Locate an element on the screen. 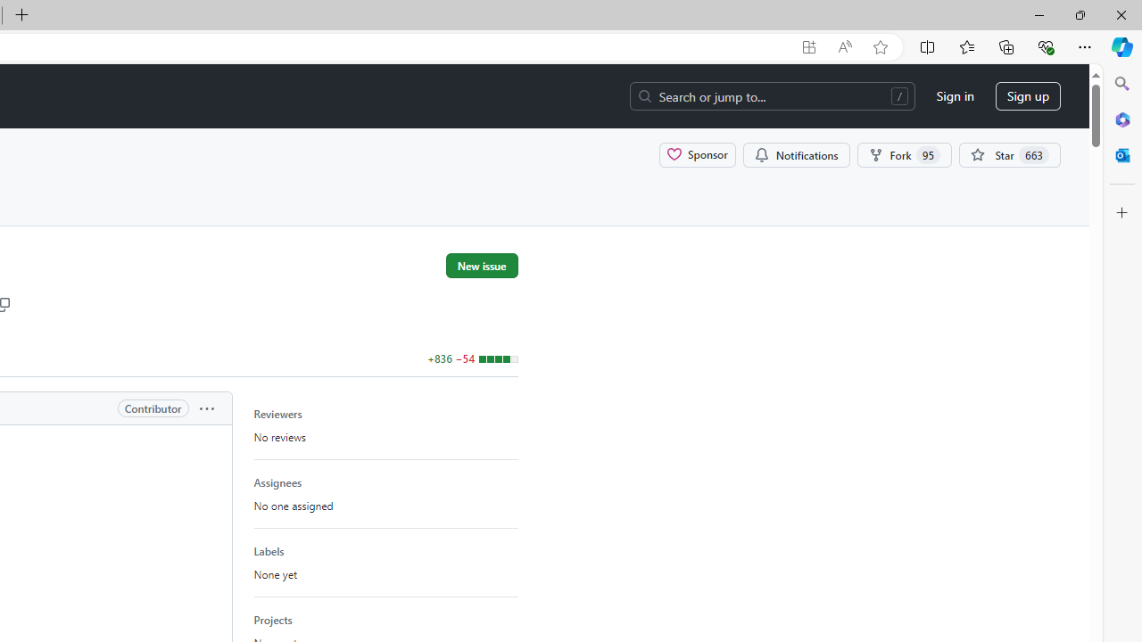  'Sponsor MajkiIT/polish-ads-filter' is located at coordinates (697, 153).